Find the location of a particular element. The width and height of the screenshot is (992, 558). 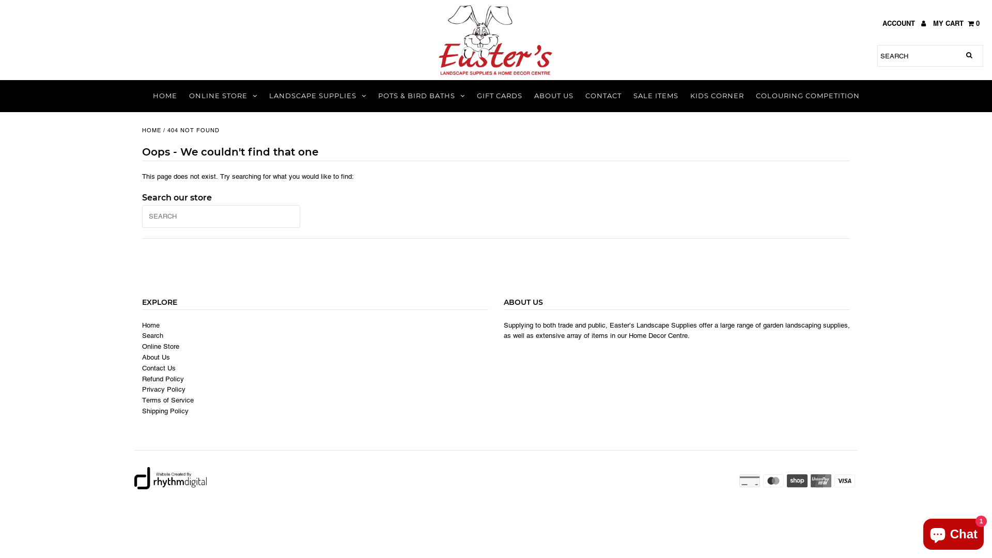

'Refund Policy' is located at coordinates (141, 379).